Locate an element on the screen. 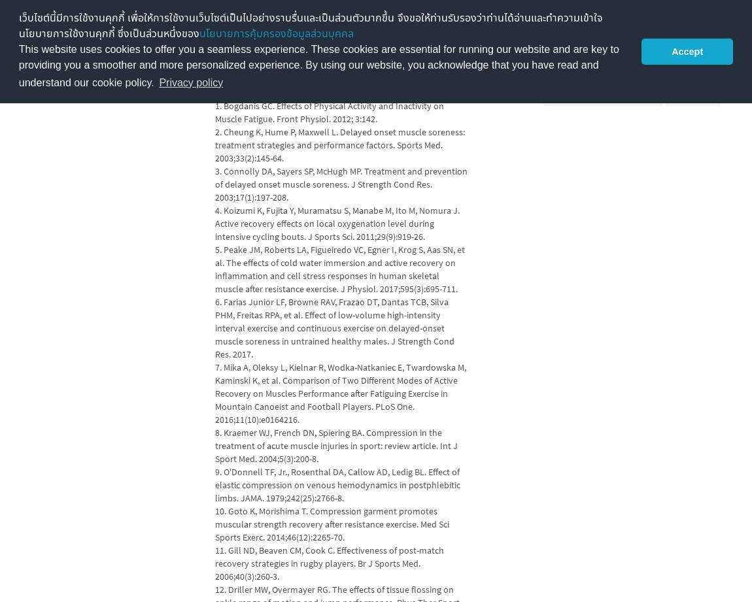  '1. Bogdanis GC. Effects of Physical Activity and Inactivity on Muscle Fatigue. Front Physiol. 2012; 3:142.' is located at coordinates (329, 112).